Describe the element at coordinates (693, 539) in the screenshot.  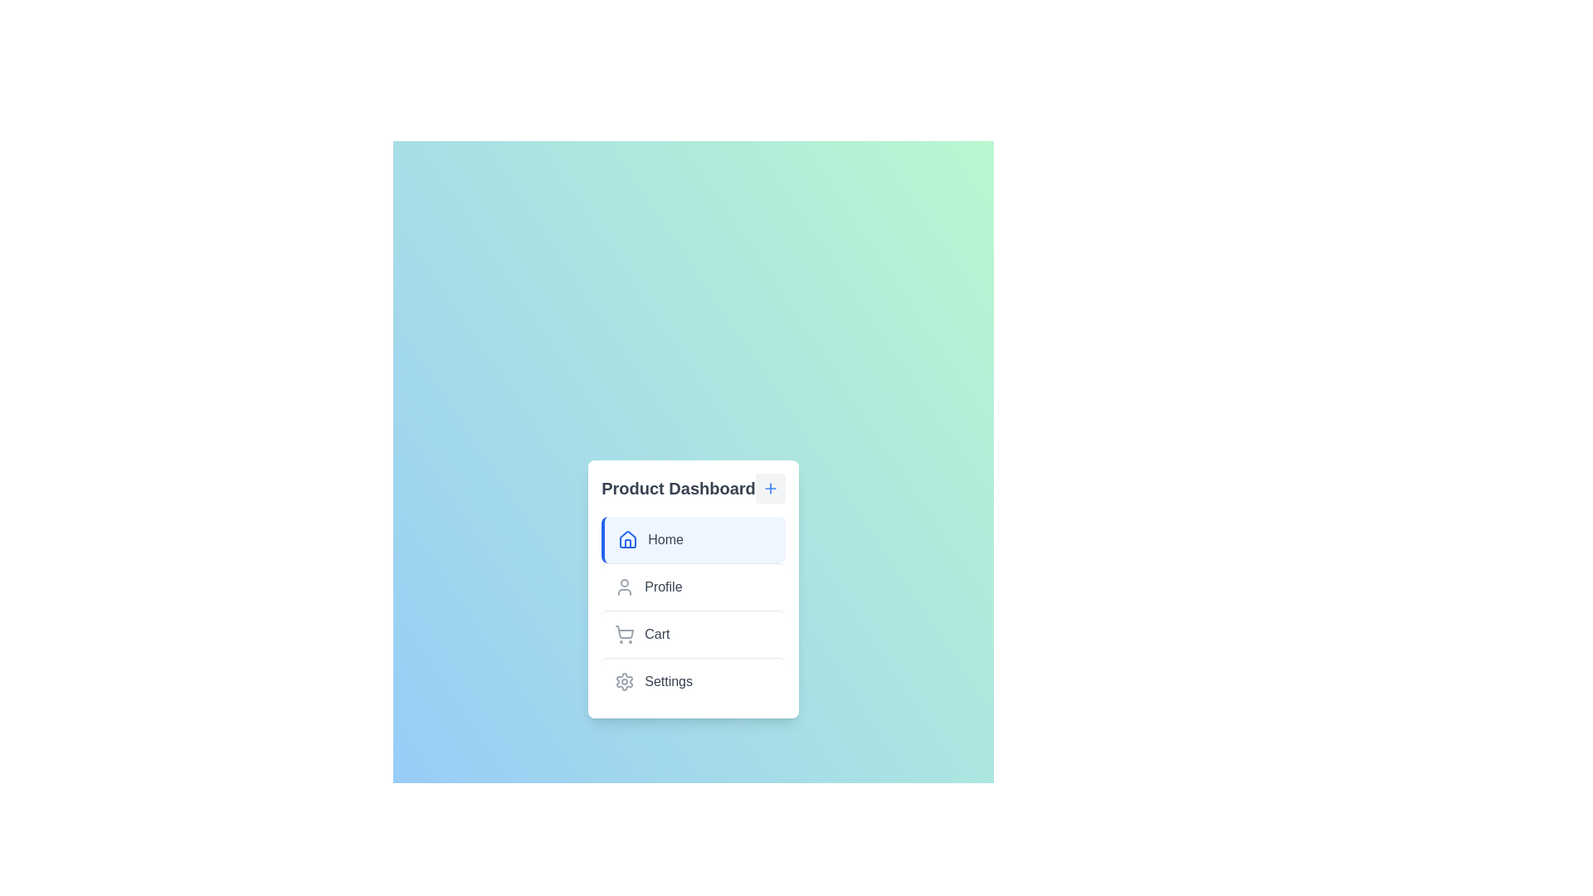
I see `the menu item labeled Home` at that location.